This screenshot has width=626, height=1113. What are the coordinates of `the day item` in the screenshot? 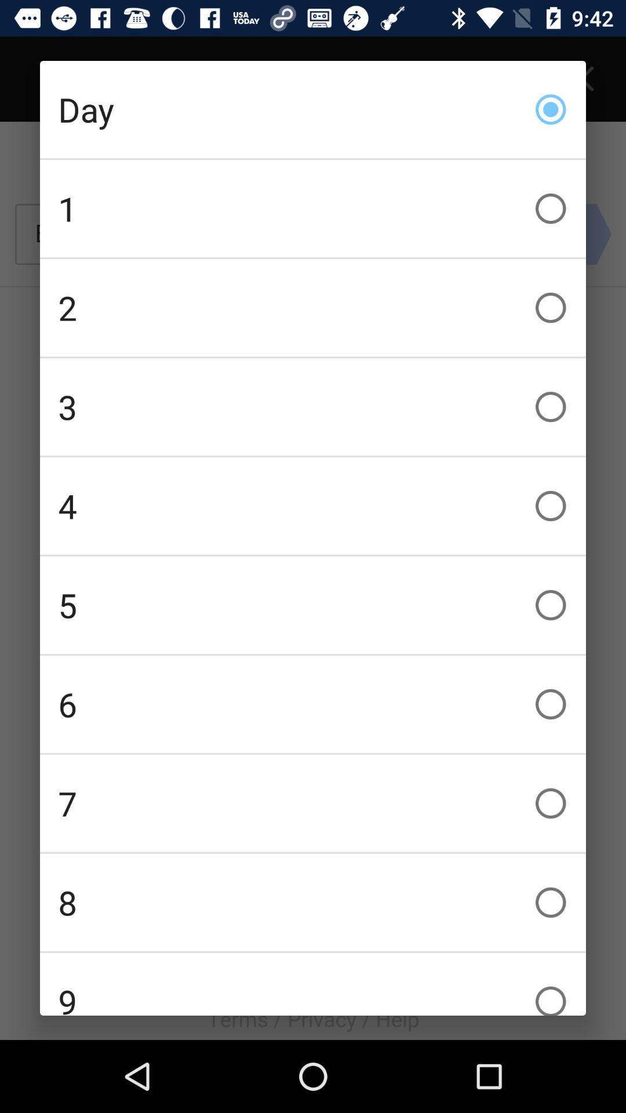 It's located at (313, 109).